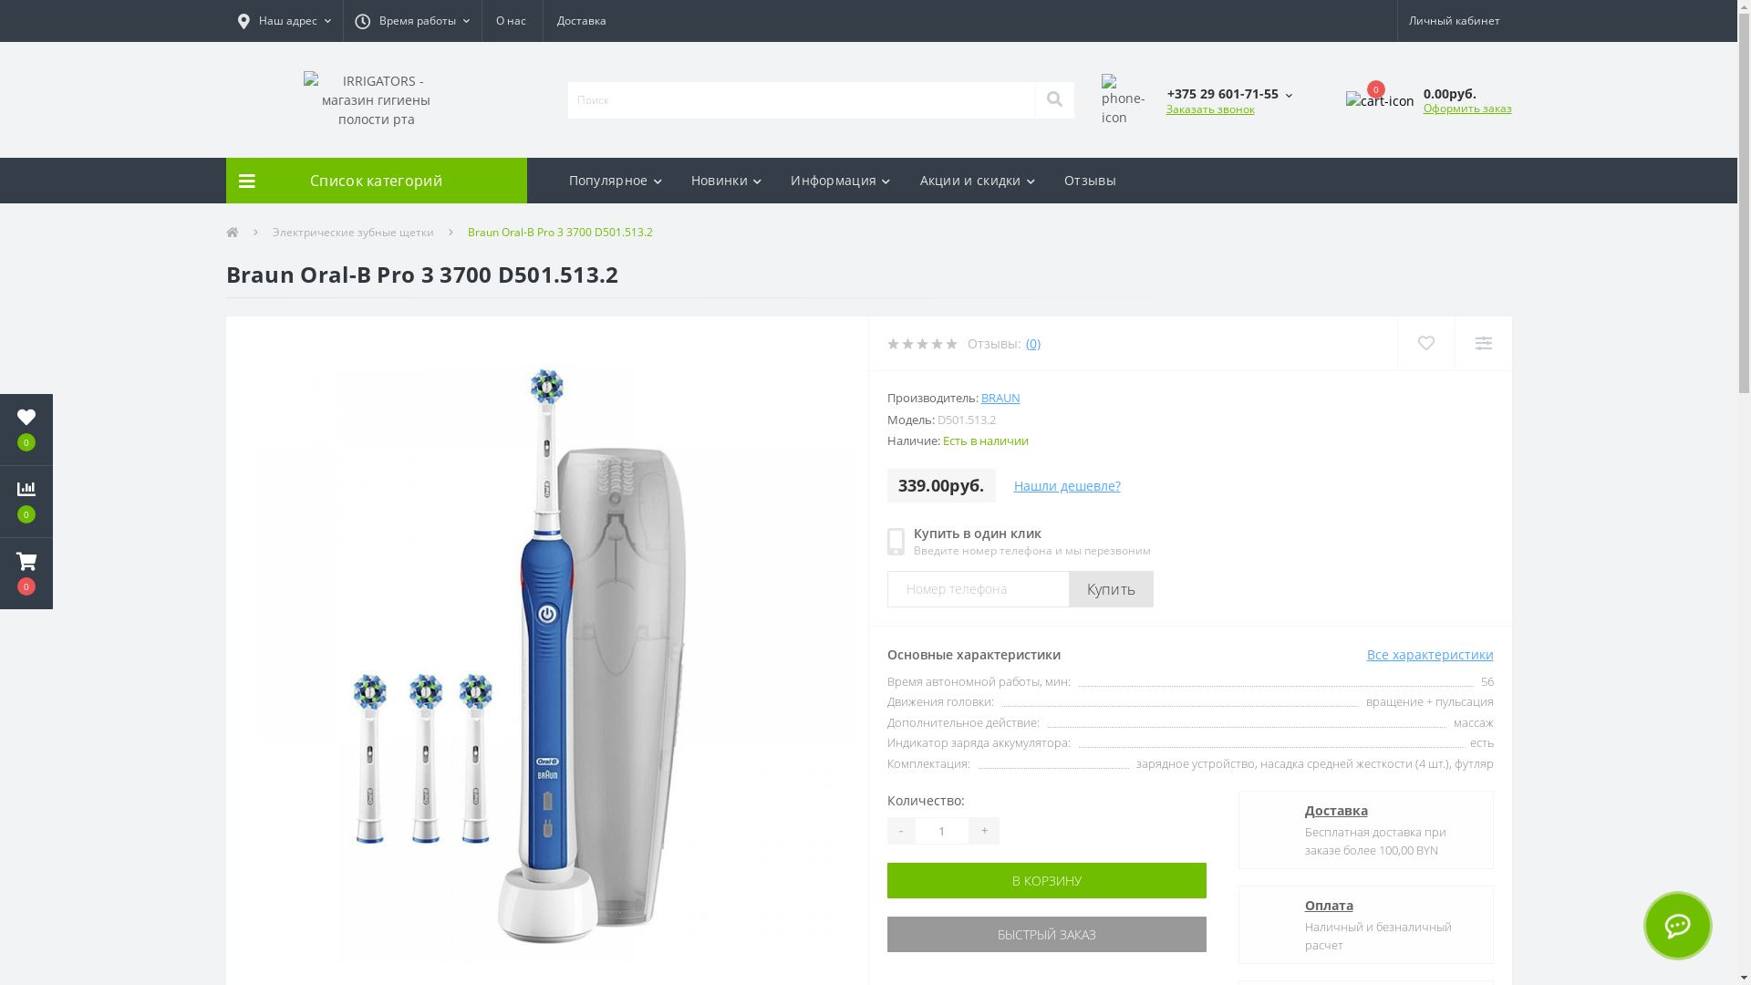  I want to click on '+', so click(982, 830).